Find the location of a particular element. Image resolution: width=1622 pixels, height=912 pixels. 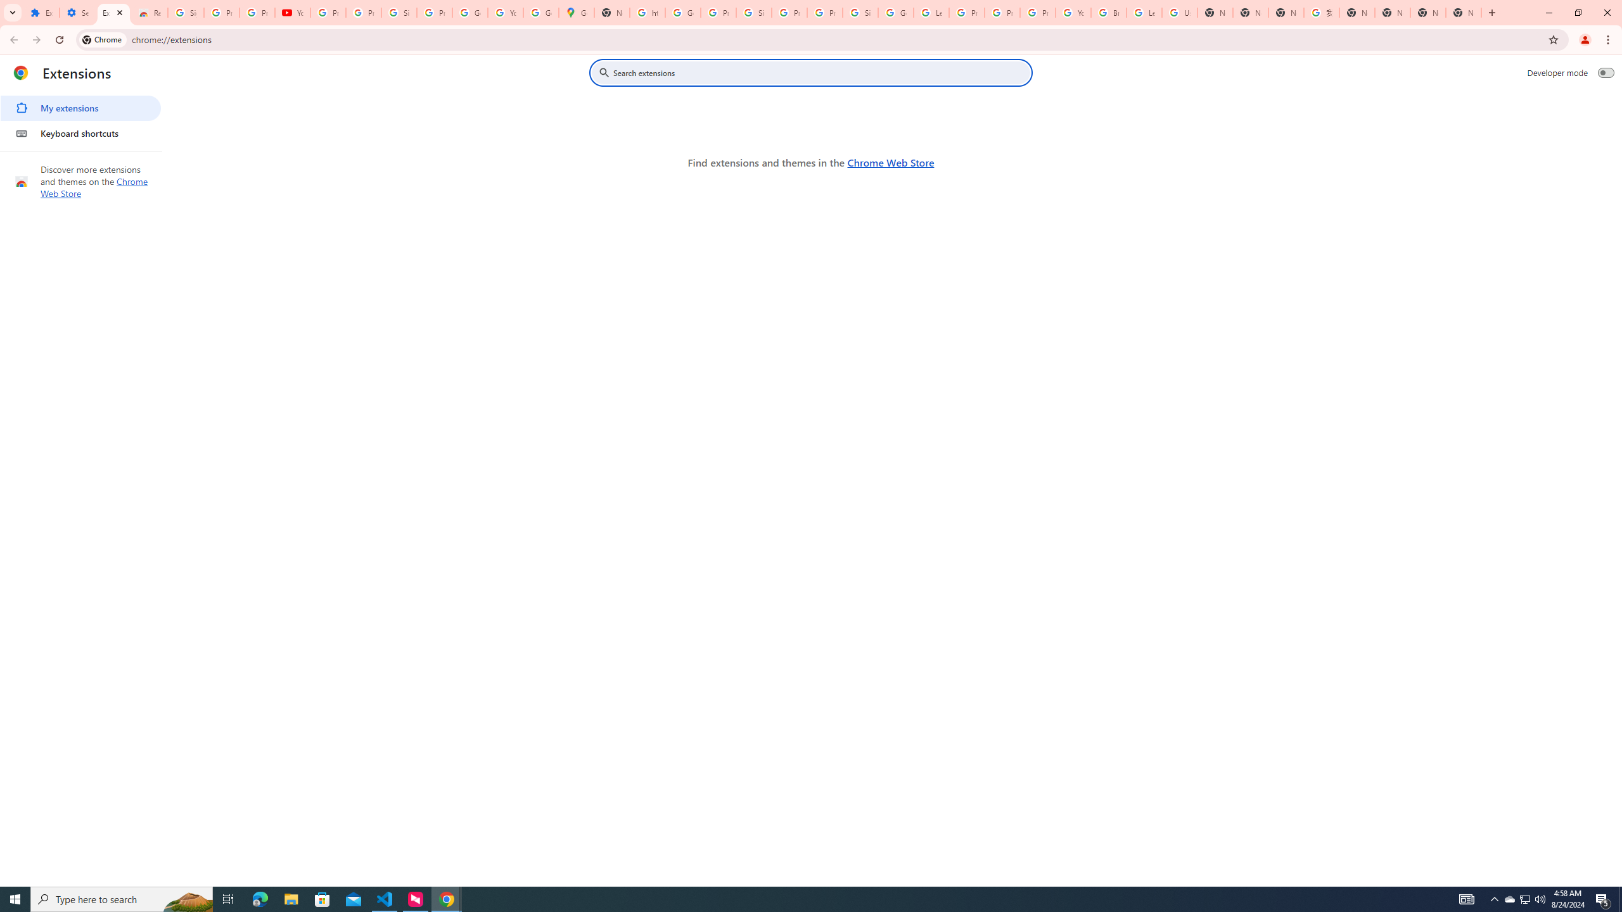

'Privacy Help Center - Policies Help' is located at coordinates (1002, 12).